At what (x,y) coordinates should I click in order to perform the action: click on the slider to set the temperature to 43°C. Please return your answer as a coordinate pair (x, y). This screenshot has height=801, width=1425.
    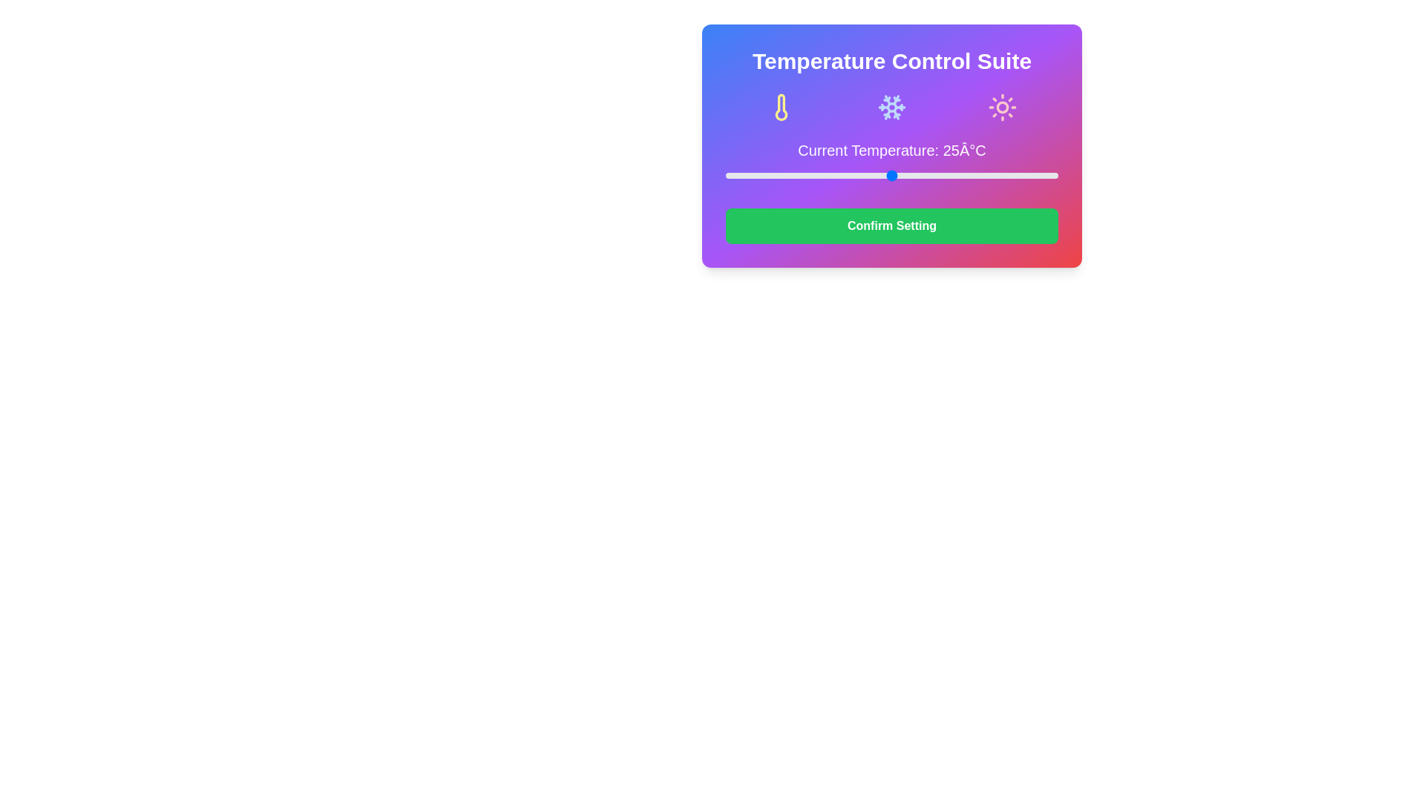
    Looking at the image, I should click on (1011, 174).